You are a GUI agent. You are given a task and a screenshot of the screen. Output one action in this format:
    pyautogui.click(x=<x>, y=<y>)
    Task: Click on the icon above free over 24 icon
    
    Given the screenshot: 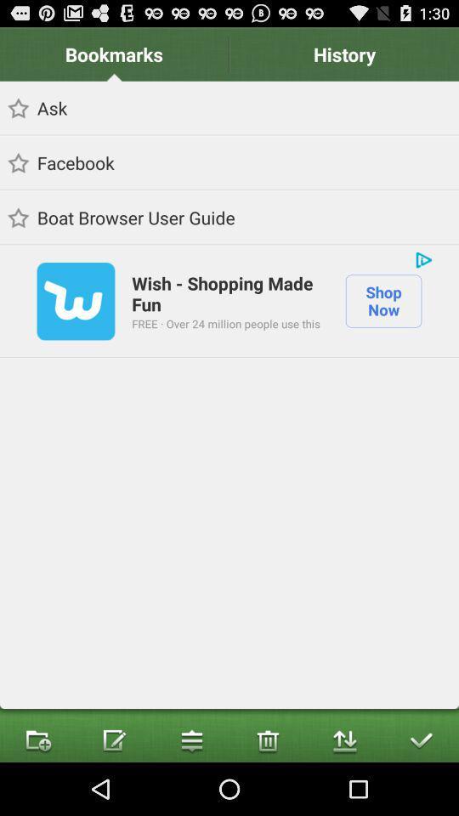 What is the action you would take?
    pyautogui.click(x=229, y=293)
    